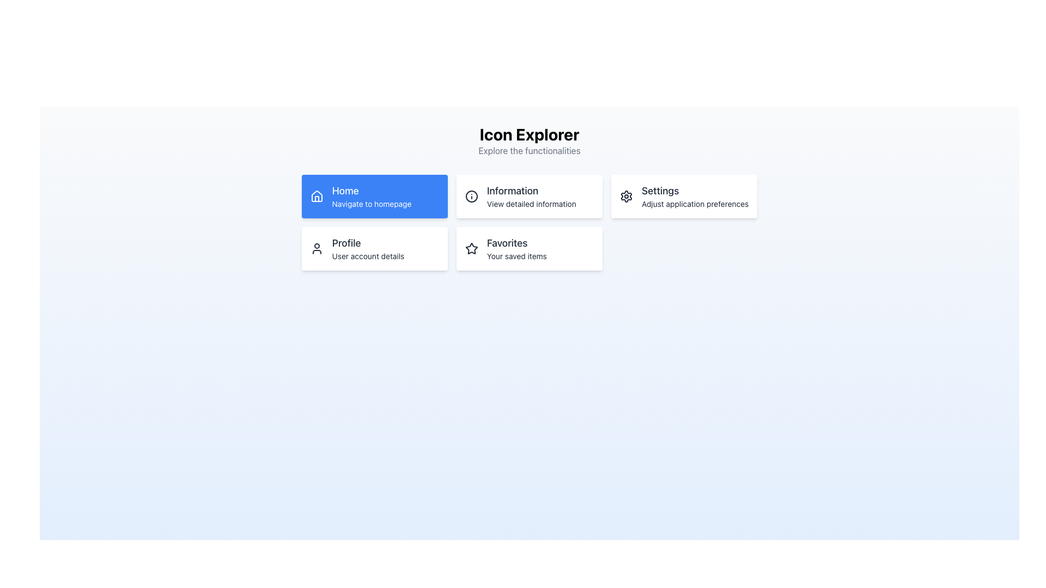 This screenshot has width=1046, height=588. I want to click on the 'Favorites' Text Display element, which provides the title 'Favorites' and subtitle 'Your saved items', located in the second row, second column of the grid layout, to the right of the star icon, so click(516, 248).